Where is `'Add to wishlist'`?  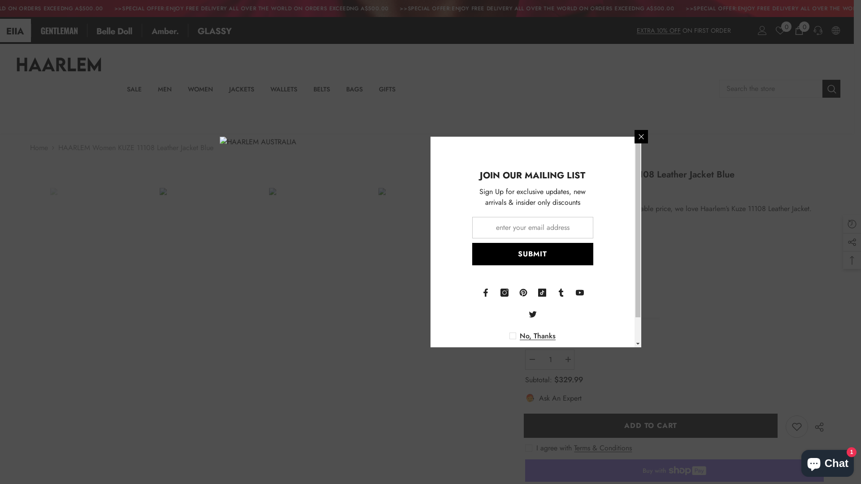 'Add to wishlist' is located at coordinates (796, 426).